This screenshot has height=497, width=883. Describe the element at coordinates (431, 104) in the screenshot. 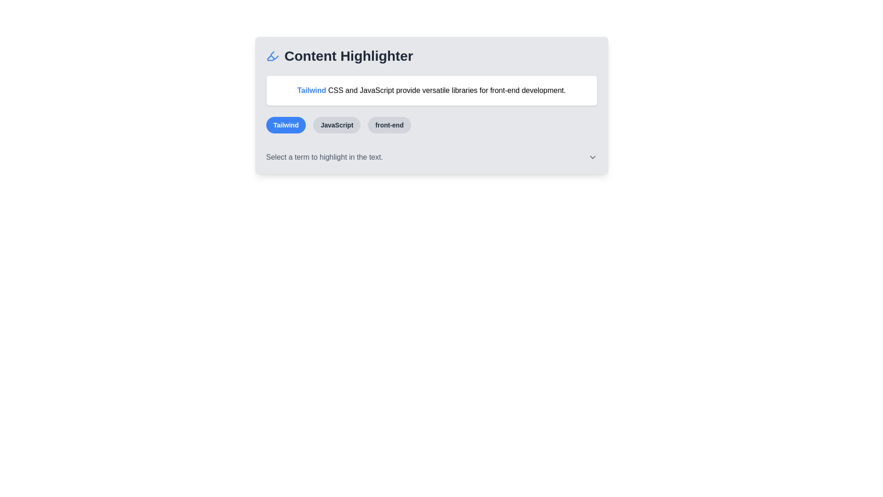

I see `the informational text block located centrally below the title 'Content Highlighter' and above the tags styled as buttons` at that location.